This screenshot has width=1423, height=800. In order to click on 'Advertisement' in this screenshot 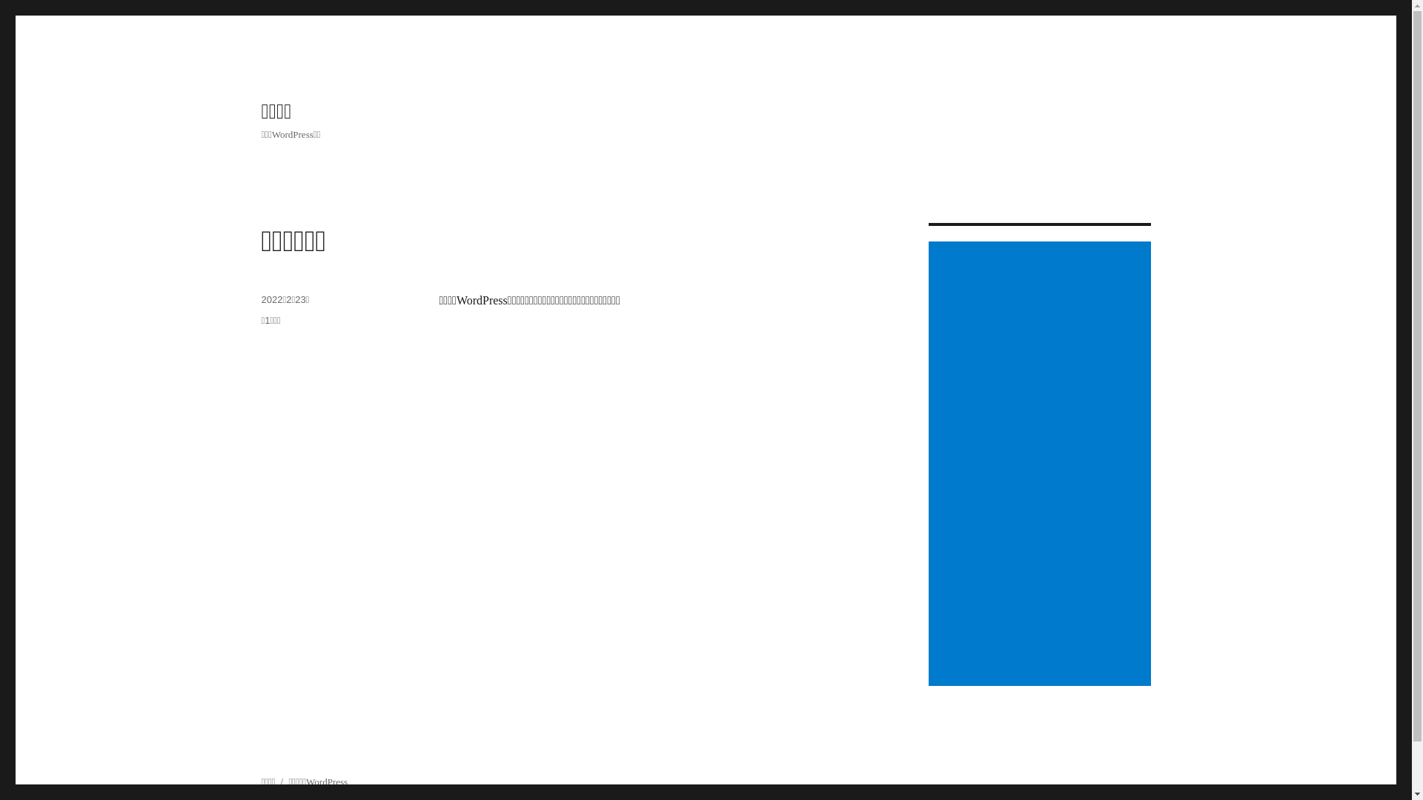, I will do `click(1041, 464)`.